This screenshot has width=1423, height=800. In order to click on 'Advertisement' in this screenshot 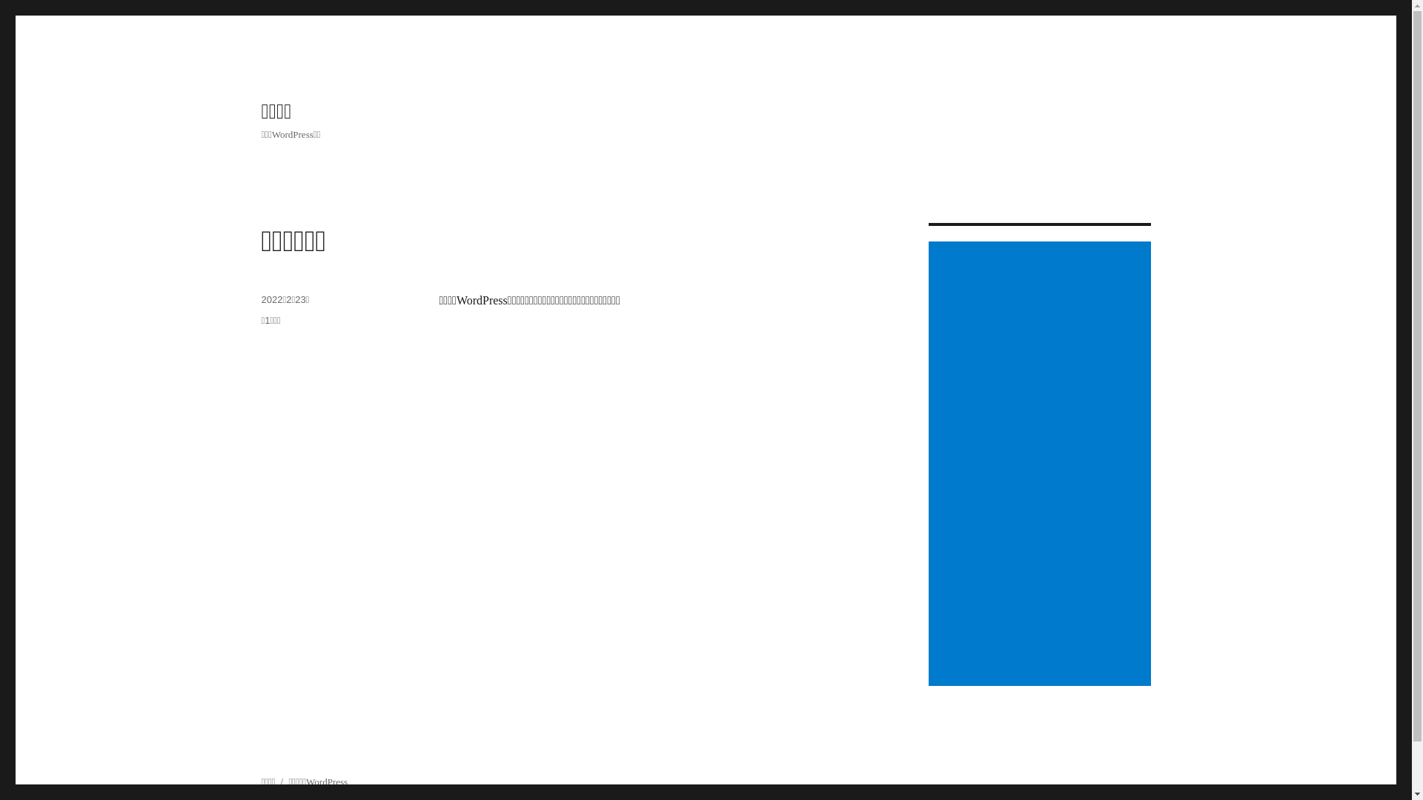, I will do `click(1041, 464)`.